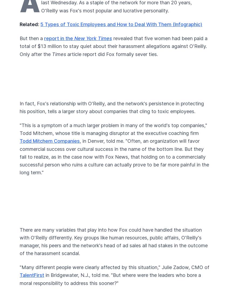  What do you see at coordinates (79, 186) in the screenshot?
I see `'Privacy Policy'` at bounding box center [79, 186].